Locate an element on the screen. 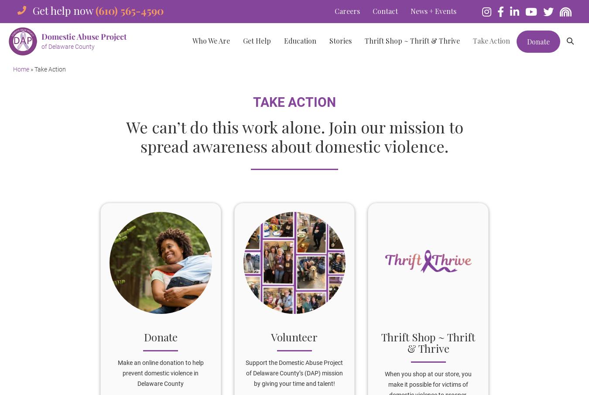 The width and height of the screenshot is (589, 395). 'Stories' is located at coordinates (339, 40).